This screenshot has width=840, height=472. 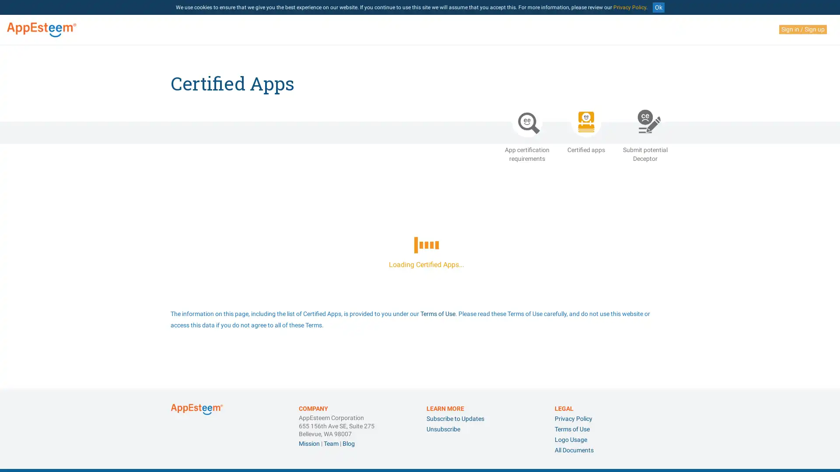 I want to click on Last, so click(x=661, y=323).